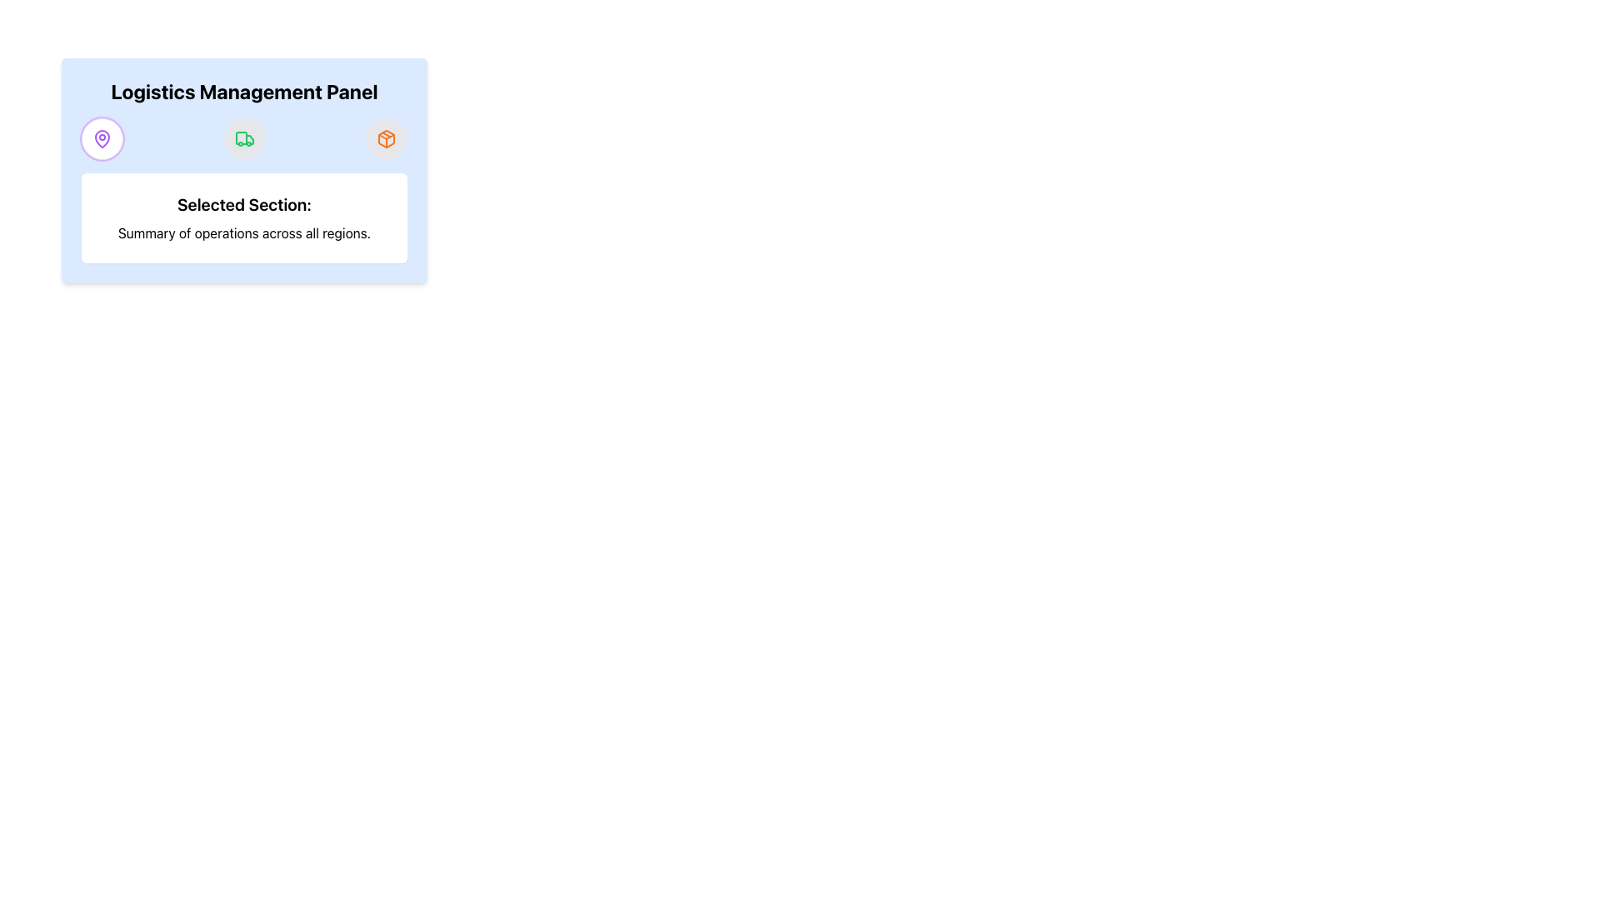 The image size is (1600, 900). I want to click on the third and rightmost icon in the header section of the Logistics Management Panel, which likely relates to package management or tracking, so click(386, 137).